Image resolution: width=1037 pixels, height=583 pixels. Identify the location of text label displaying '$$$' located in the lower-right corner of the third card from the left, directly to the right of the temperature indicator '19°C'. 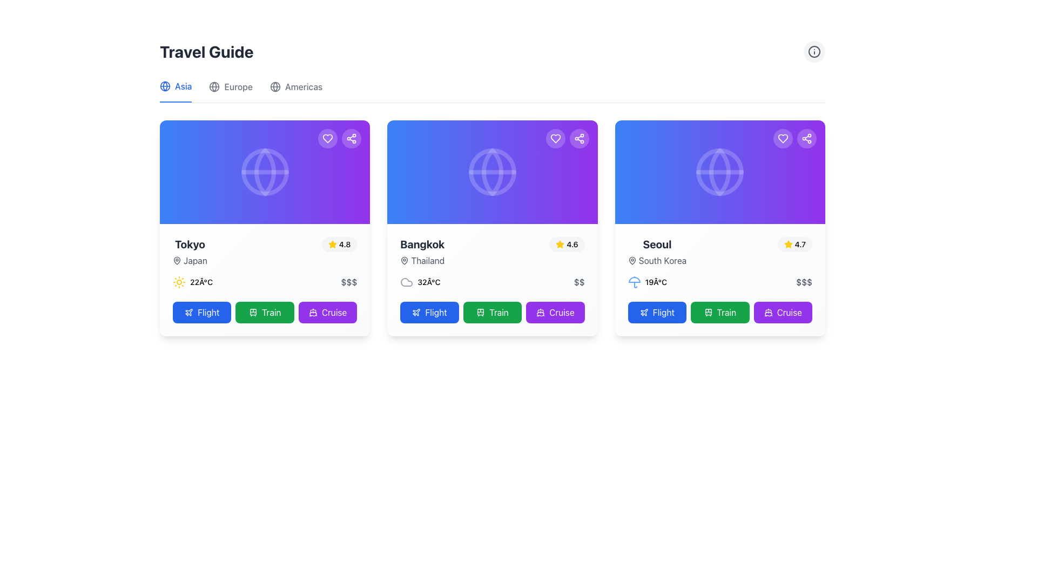
(804, 282).